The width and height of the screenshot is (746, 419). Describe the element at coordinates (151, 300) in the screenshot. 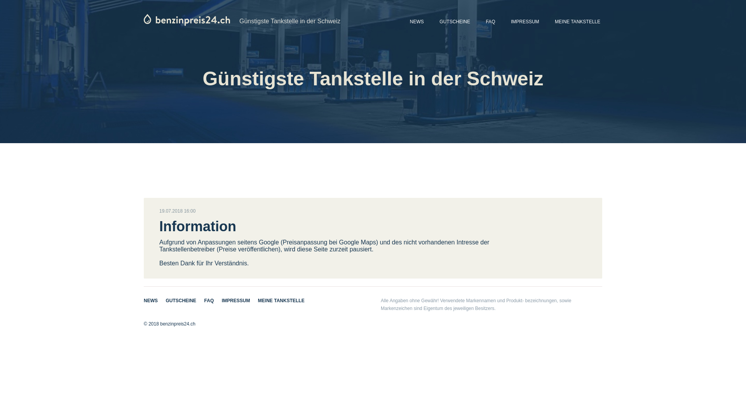

I see `'NEWS'` at that location.